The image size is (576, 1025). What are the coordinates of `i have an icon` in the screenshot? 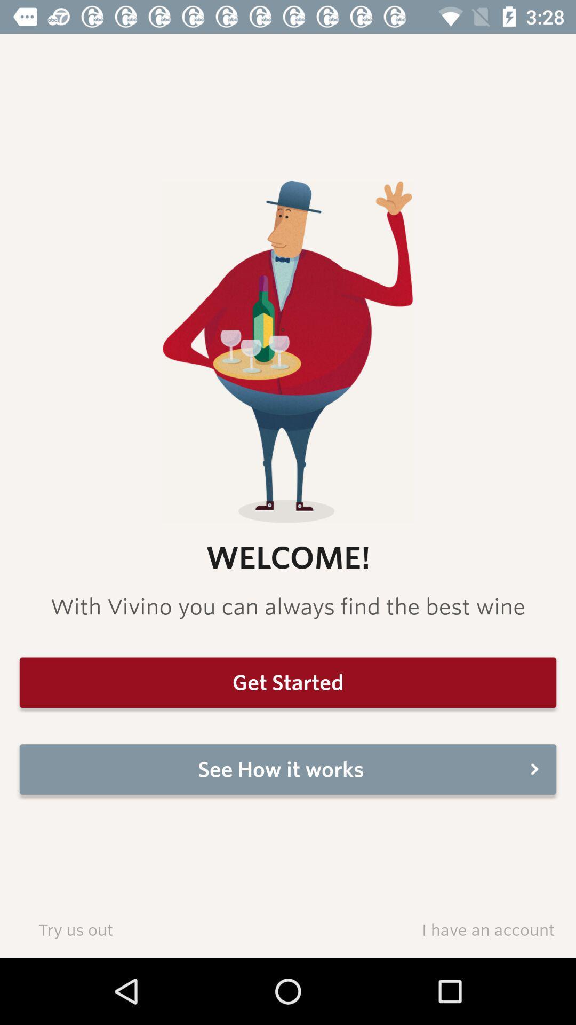 It's located at (488, 929).